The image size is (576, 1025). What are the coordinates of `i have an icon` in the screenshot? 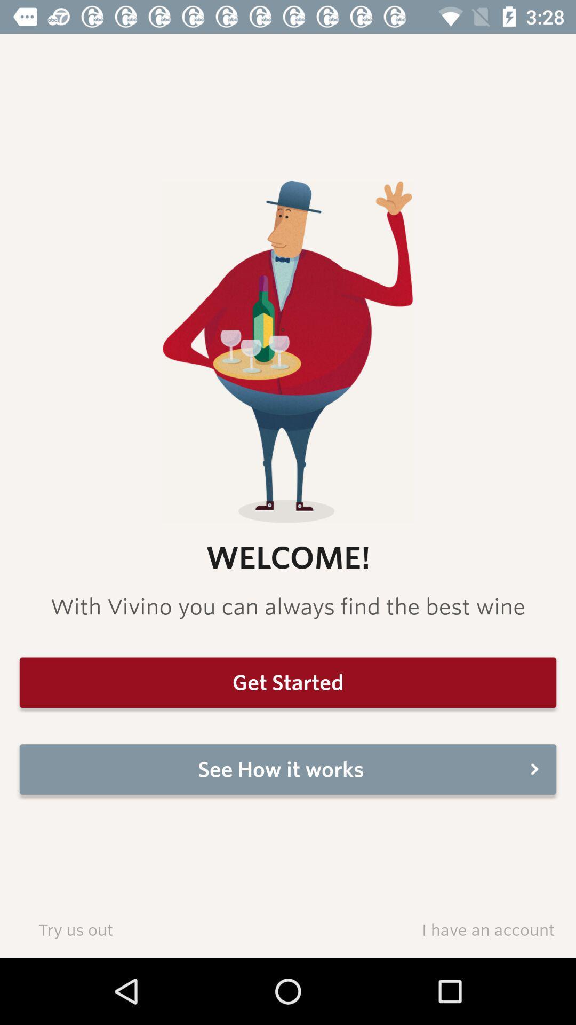 It's located at (488, 929).